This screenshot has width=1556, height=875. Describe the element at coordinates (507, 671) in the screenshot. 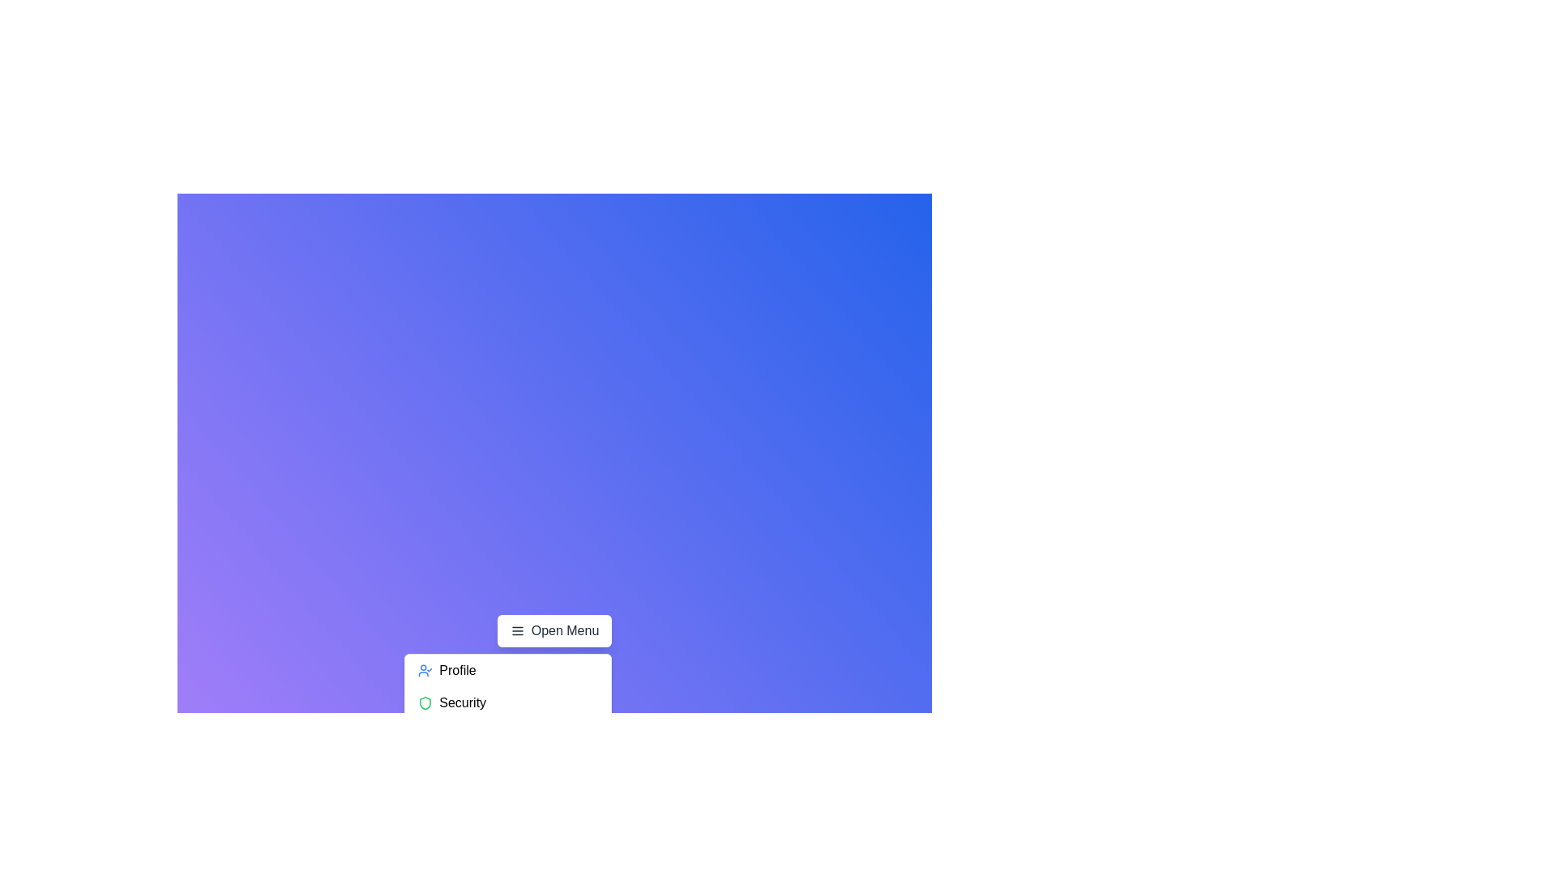

I see `the menu item Profile by clicking on it` at that location.